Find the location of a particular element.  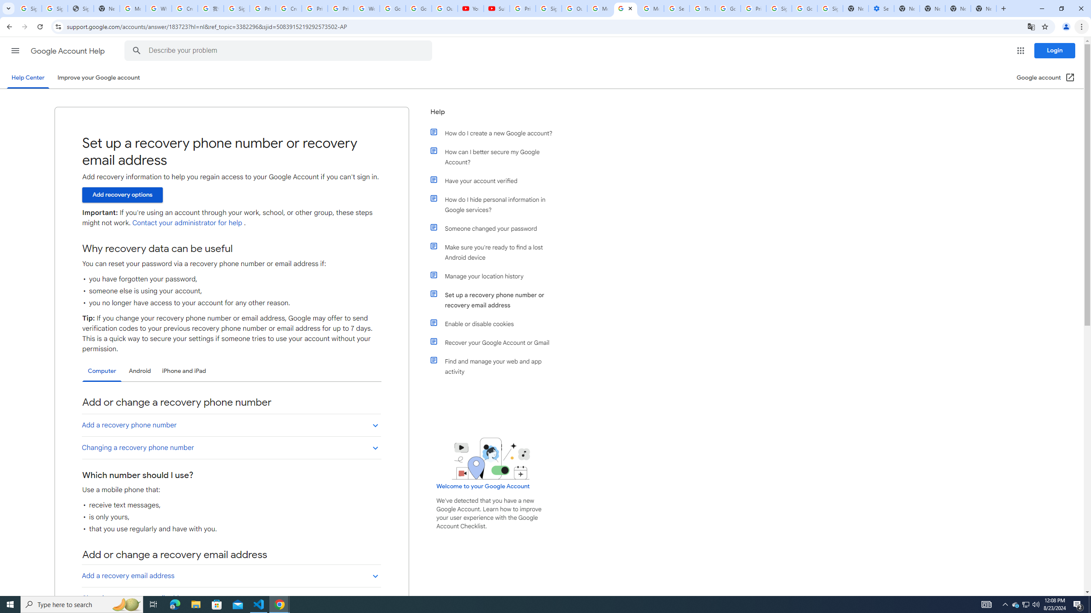

'How do I hide personal information in Google services?' is located at coordinates (495, 204).